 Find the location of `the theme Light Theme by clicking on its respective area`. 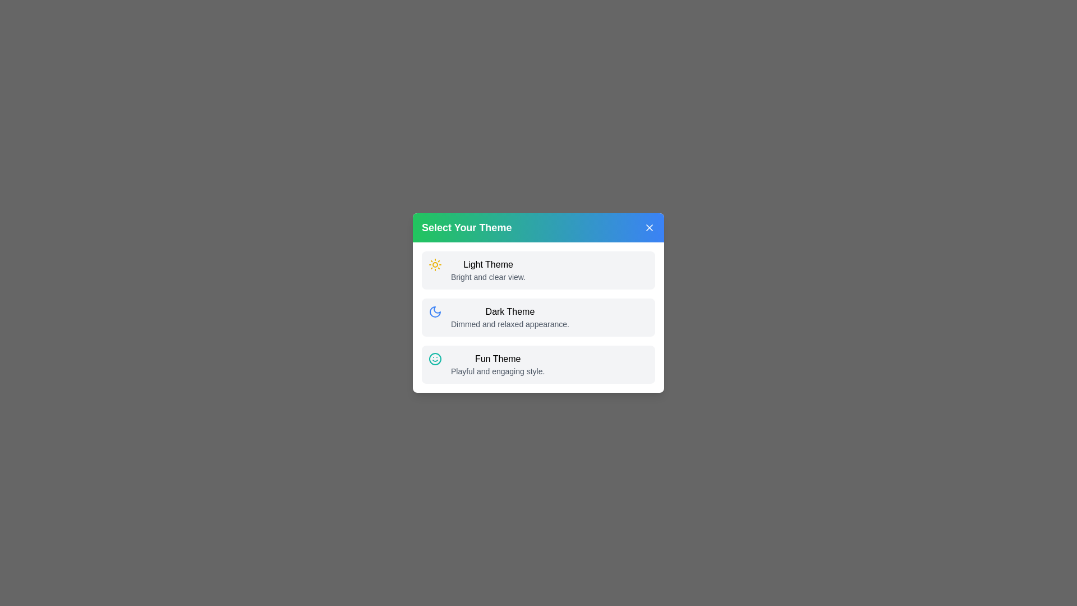

the theme Light Theme by clicking on its respective area is located at coordinates (538, 270).